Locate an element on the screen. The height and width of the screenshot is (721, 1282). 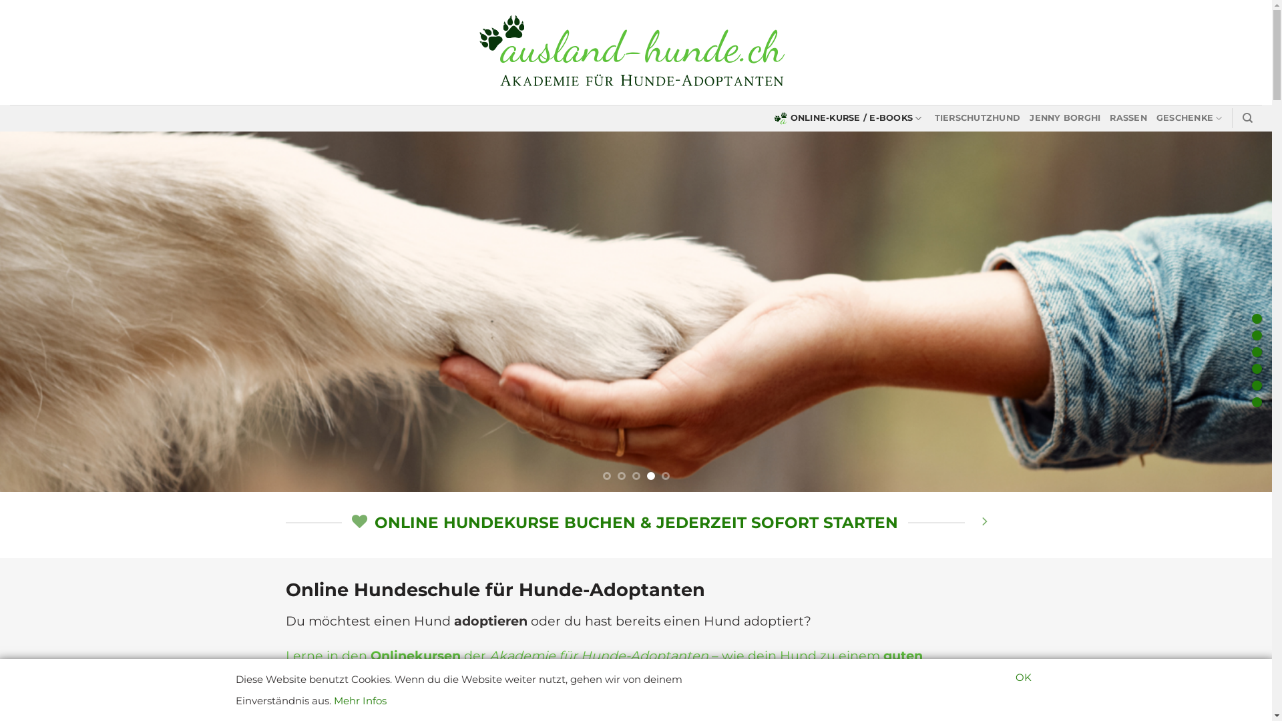
'RASSEN' is located at coordinates (1127, 117).